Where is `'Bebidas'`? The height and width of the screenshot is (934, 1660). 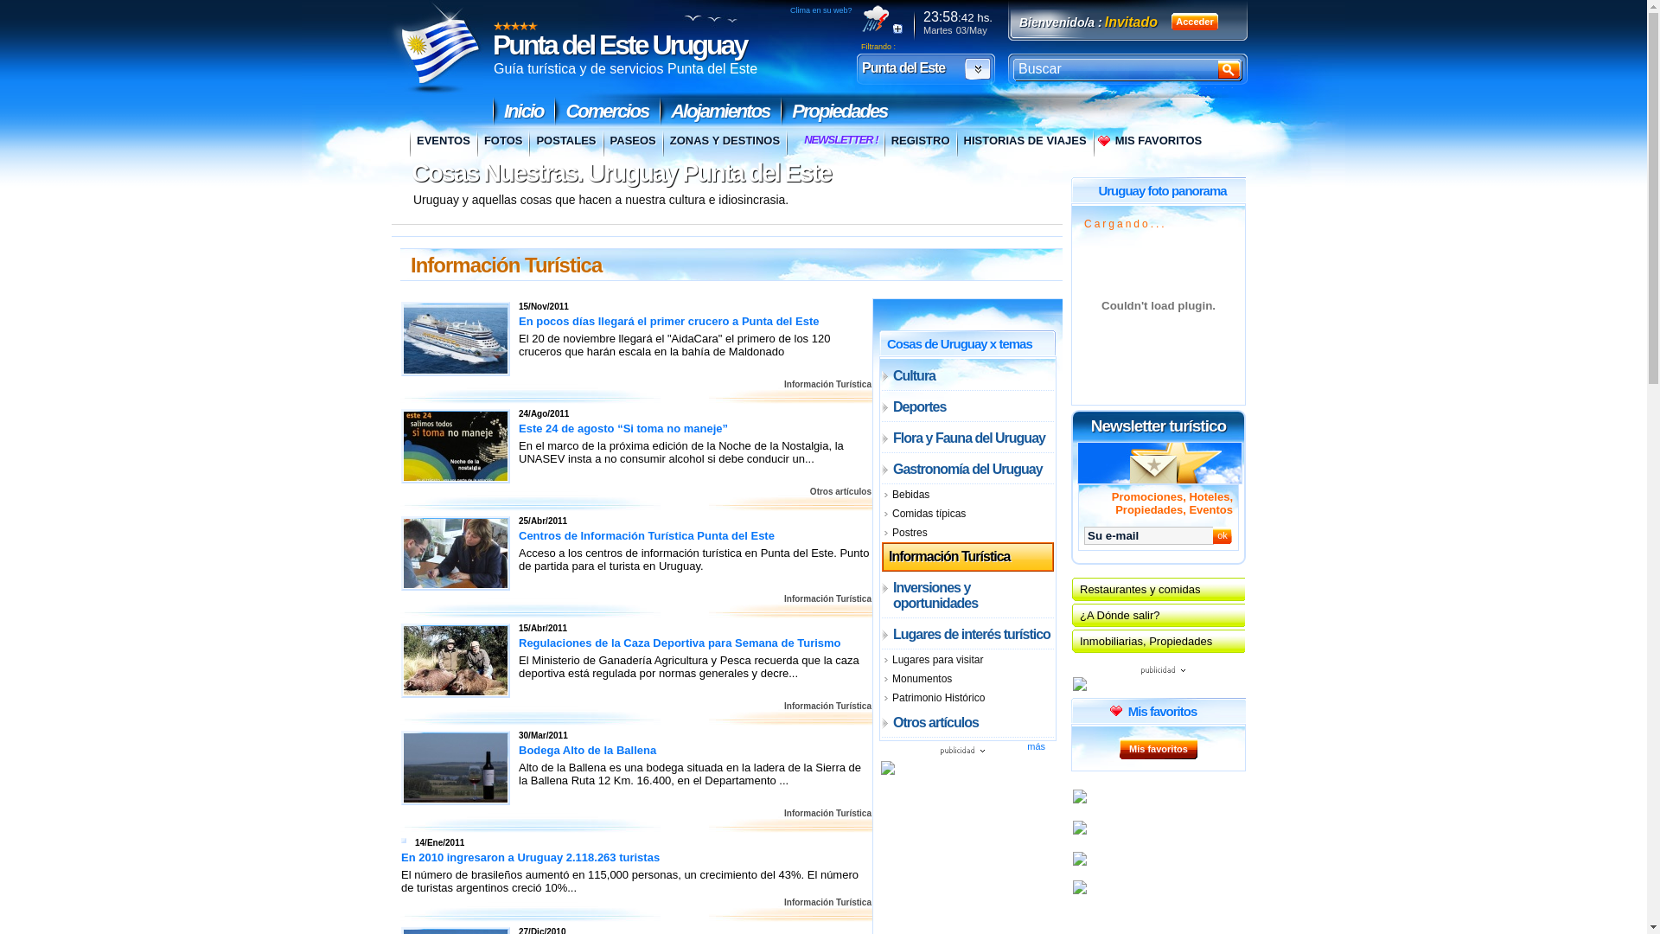
'Bebidas' is located at coordinates (881, 494).